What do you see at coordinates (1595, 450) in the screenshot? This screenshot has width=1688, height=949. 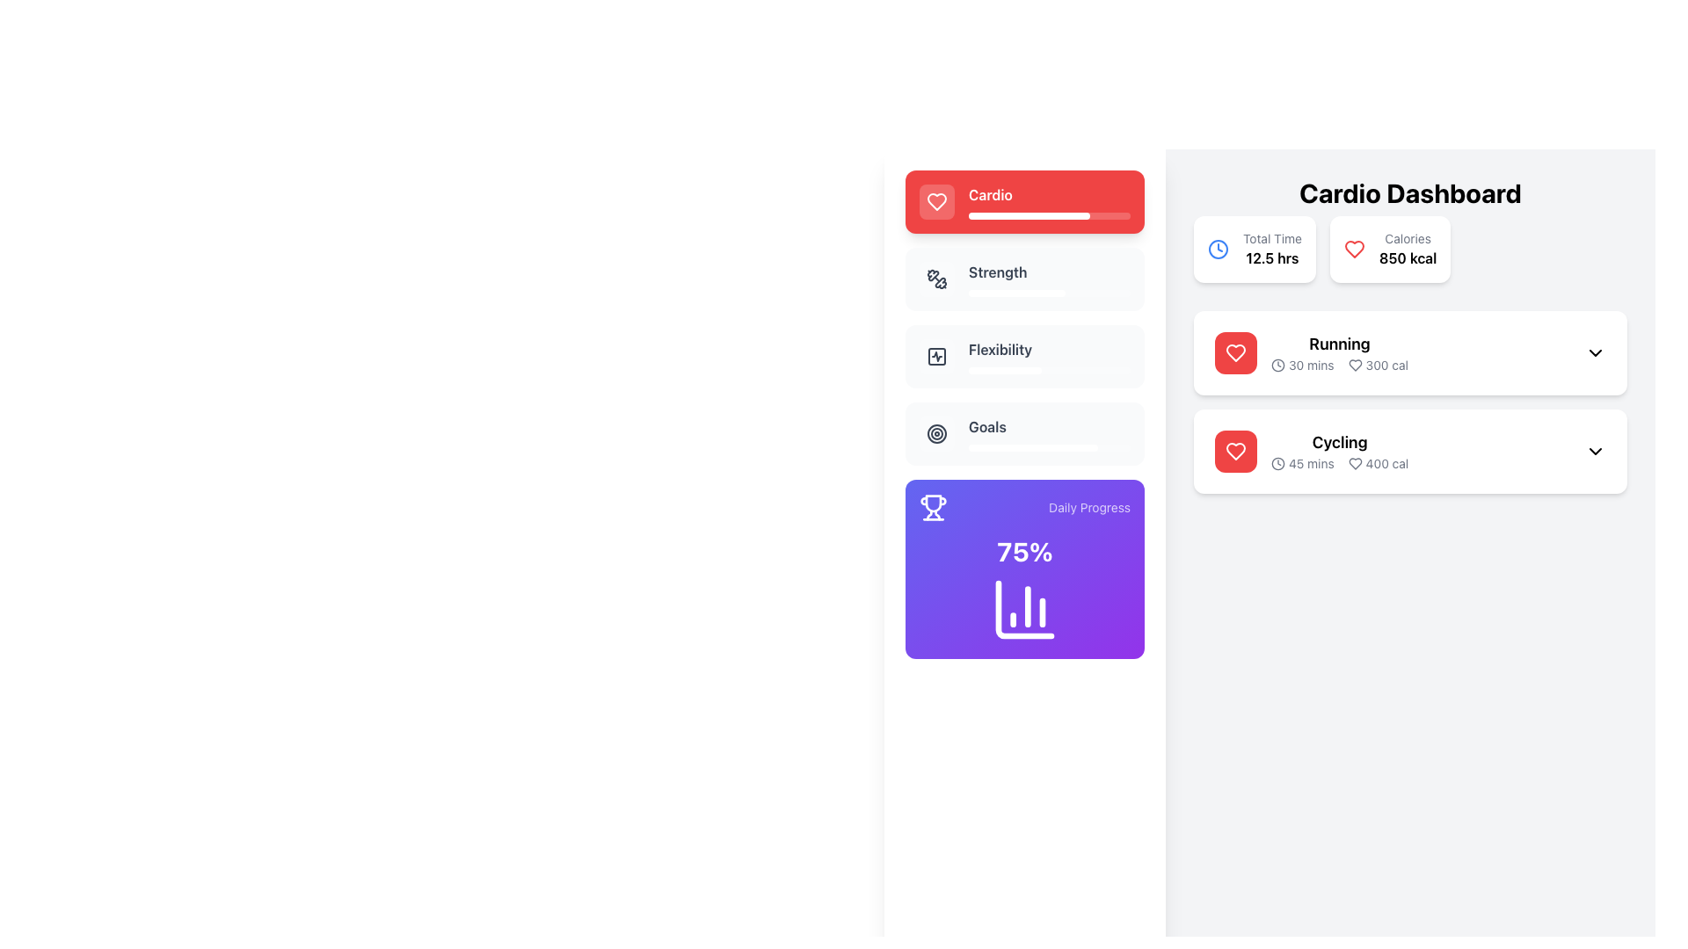 I see `the chevron toggle icon located to the right of the 'Cycling' section text` at bounding box center [1595, 450].